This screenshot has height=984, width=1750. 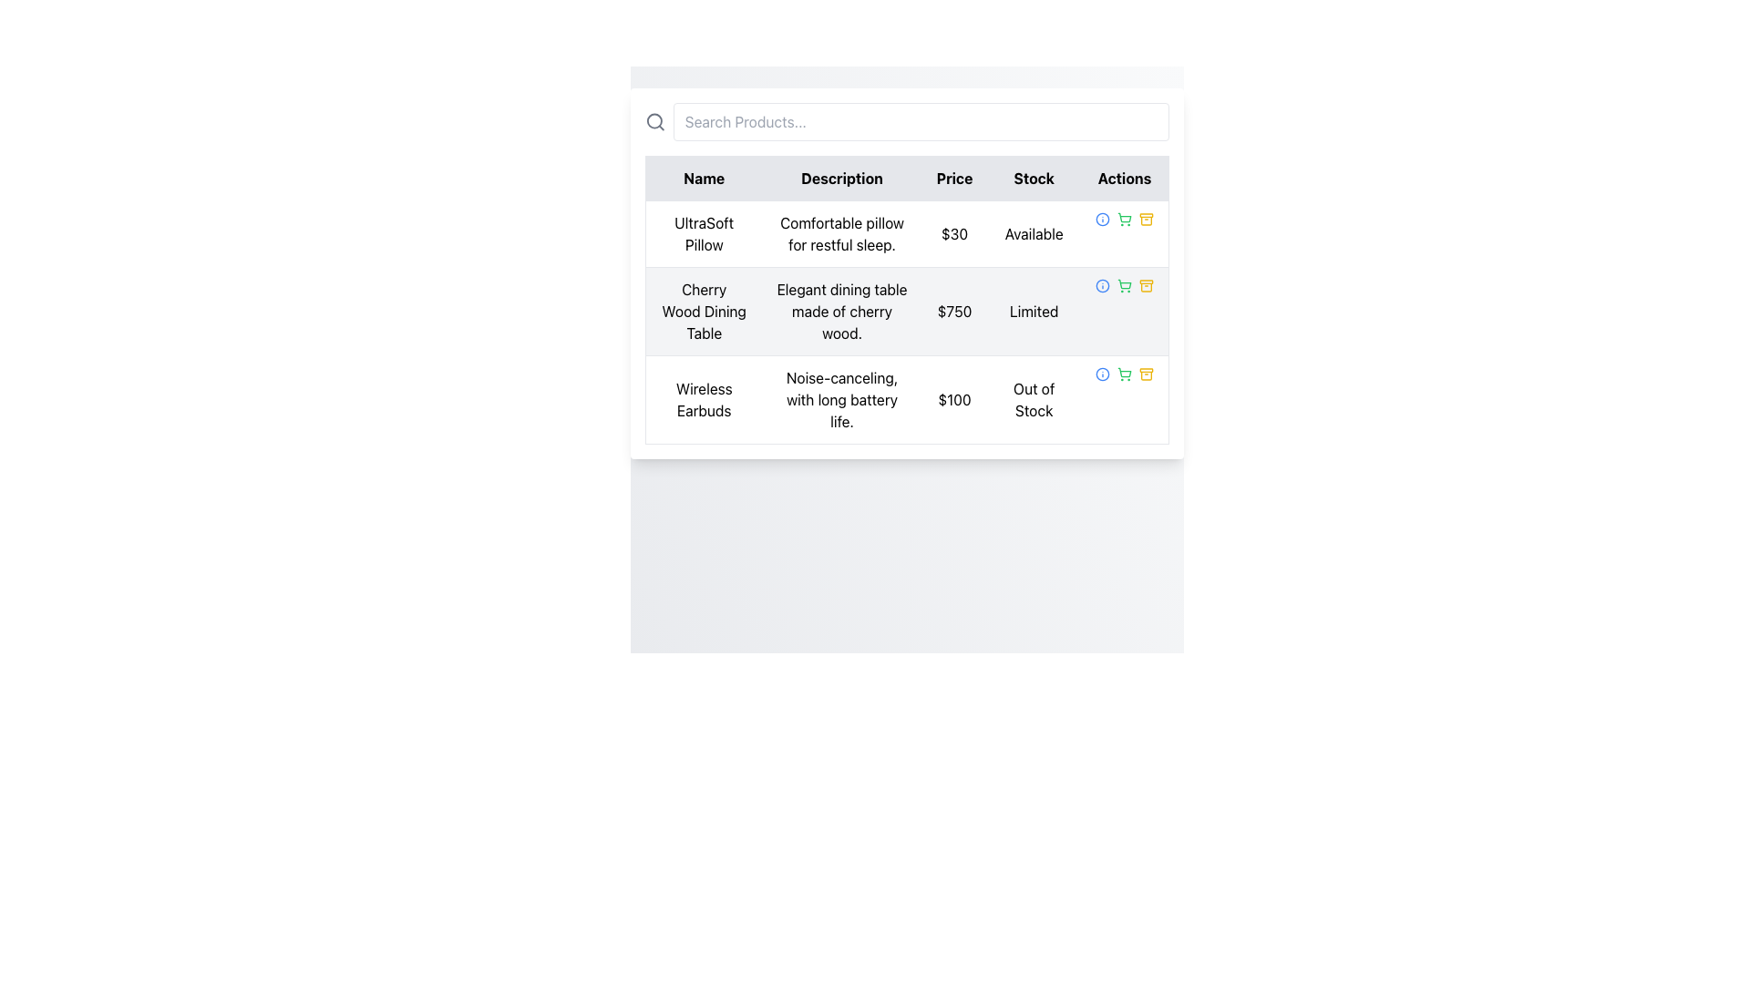 I want to click on the price label displaying the price of the 'UltraSoft Pillow' product, located in the third column of the product table, bordered by the description on the left and stock status on the right, so click(x=953, y=233).